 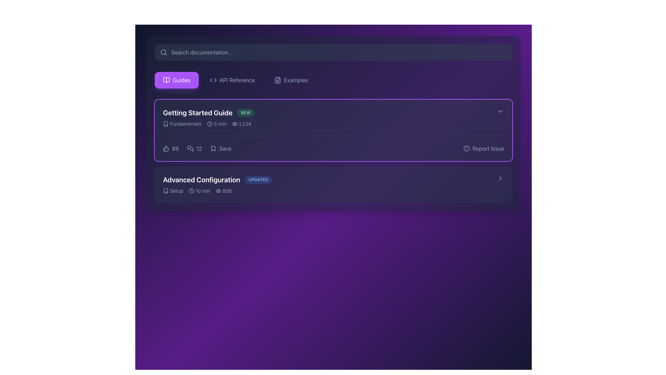 I want to click on the second list item, so click(x=333, y=184).